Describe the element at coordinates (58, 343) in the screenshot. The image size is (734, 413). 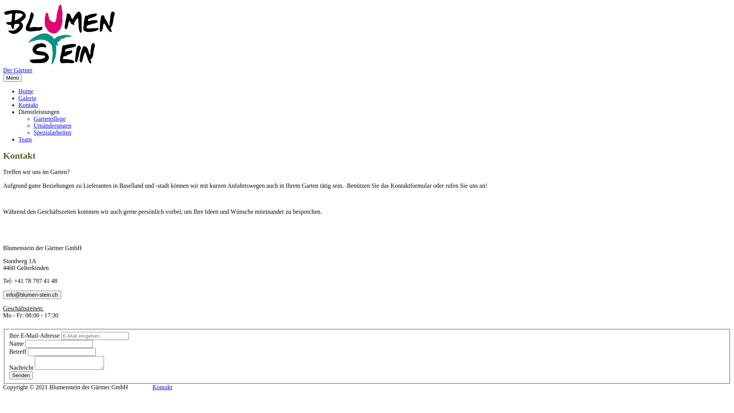
I see `'singleline_1'` at that location.